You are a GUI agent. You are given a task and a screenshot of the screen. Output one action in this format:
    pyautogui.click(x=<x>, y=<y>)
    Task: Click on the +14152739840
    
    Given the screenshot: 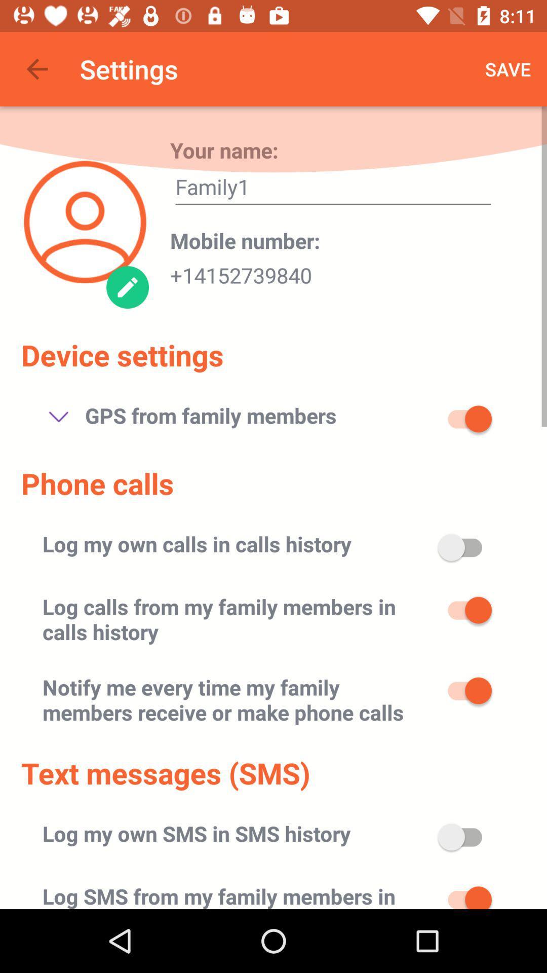 What is the action you would take?
    pyautogui.click(x=241, y=272)
    